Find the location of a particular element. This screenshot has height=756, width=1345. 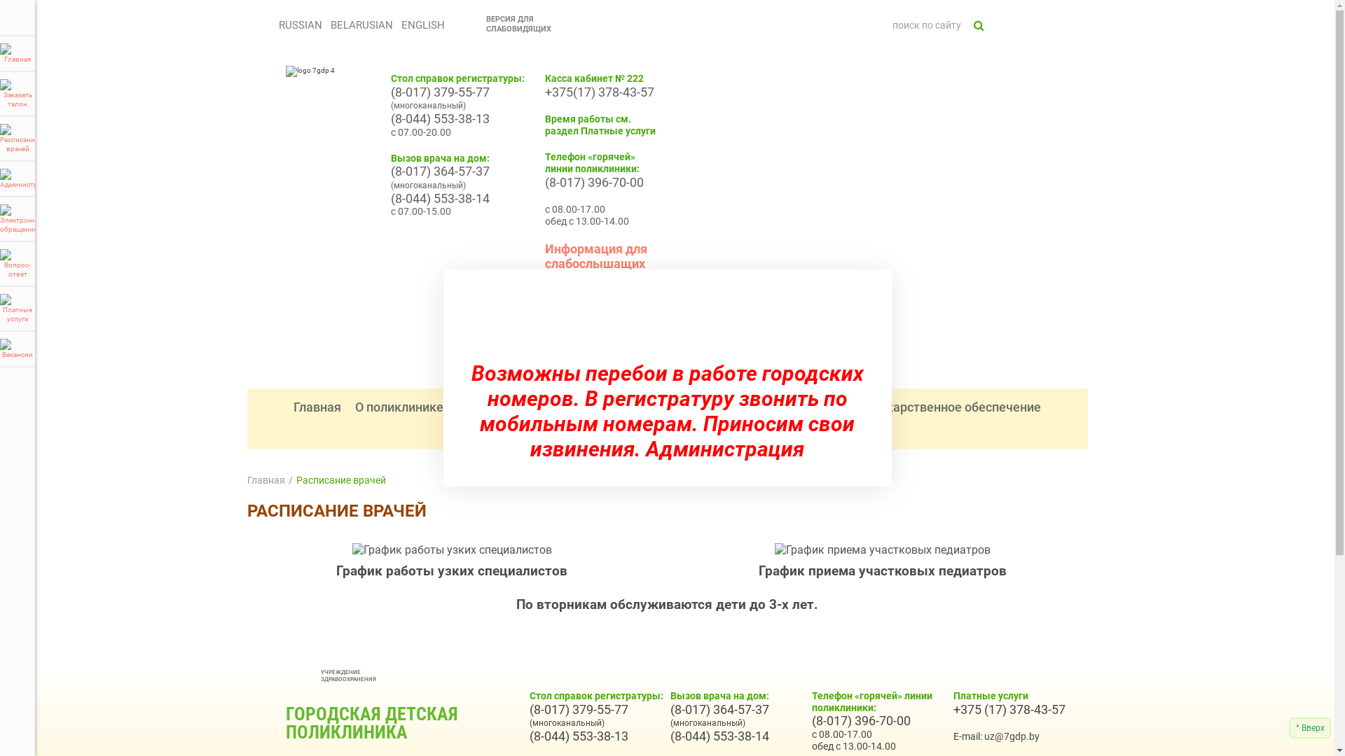

'BELARUSIAN' is located at coordinates (325, 24).